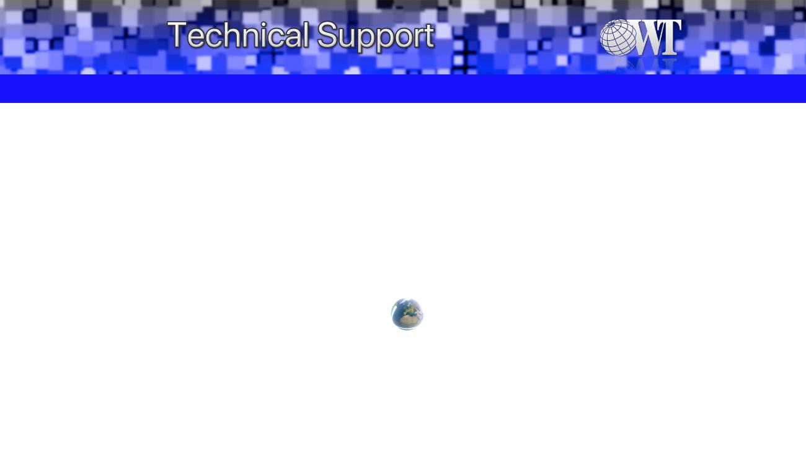 Image resolution: width=806 pixels, height=462 pixels. I want to click on 'OWT Services', so click(462, 87).